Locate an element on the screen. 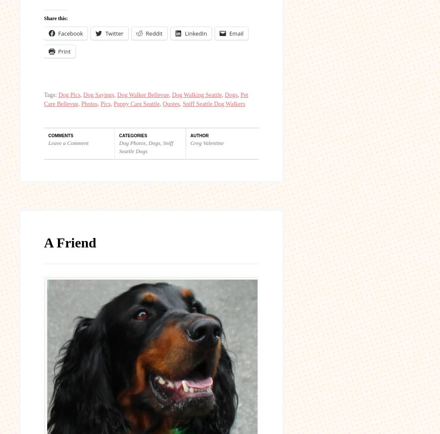  'Dog Walker Bellevue' is located at coordinates (143, 94).